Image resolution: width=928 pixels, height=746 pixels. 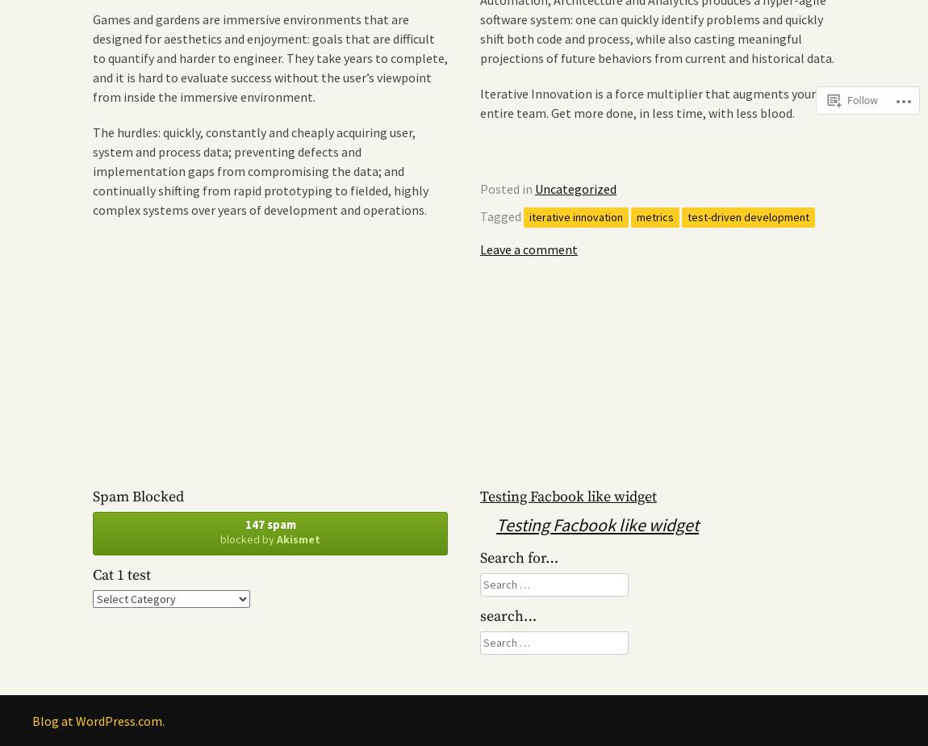 What do you see at coordinates (92, 496) in the screenshot?
I see `'Spam Blocked'` at bounding box center [92, 496].